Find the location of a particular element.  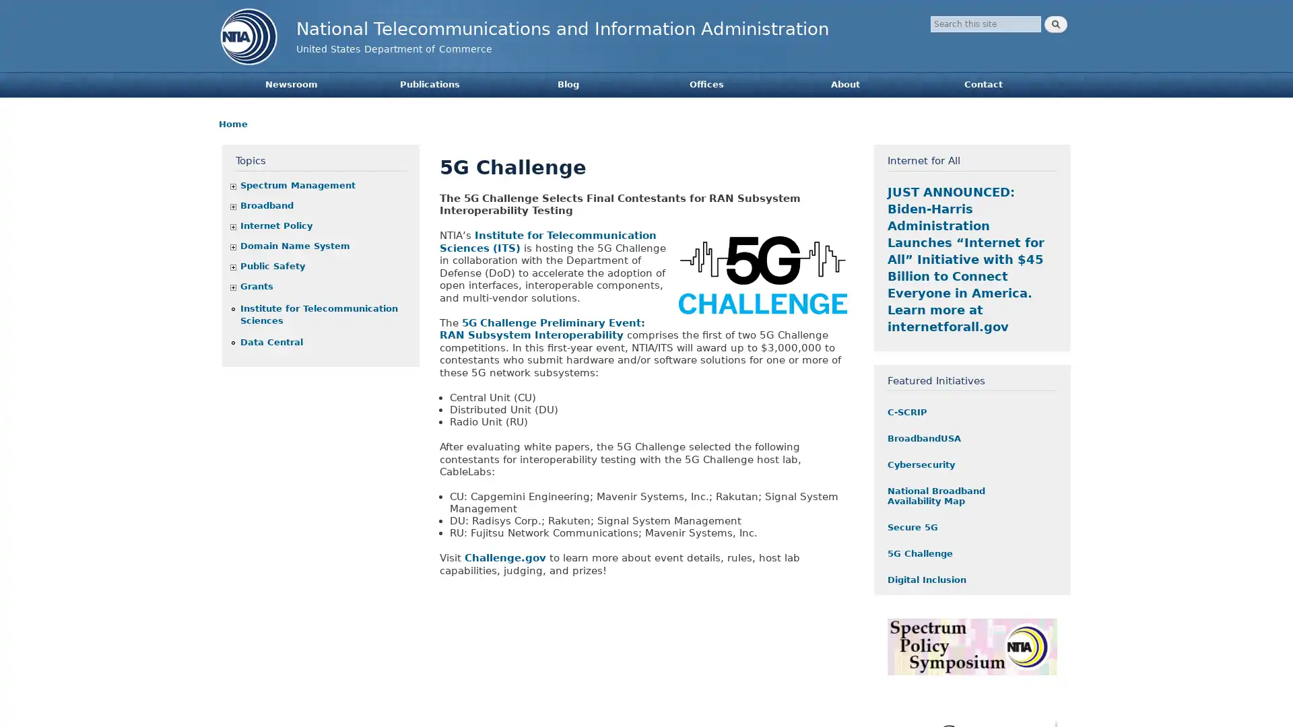

Search is located at coordinates (1055, 24).